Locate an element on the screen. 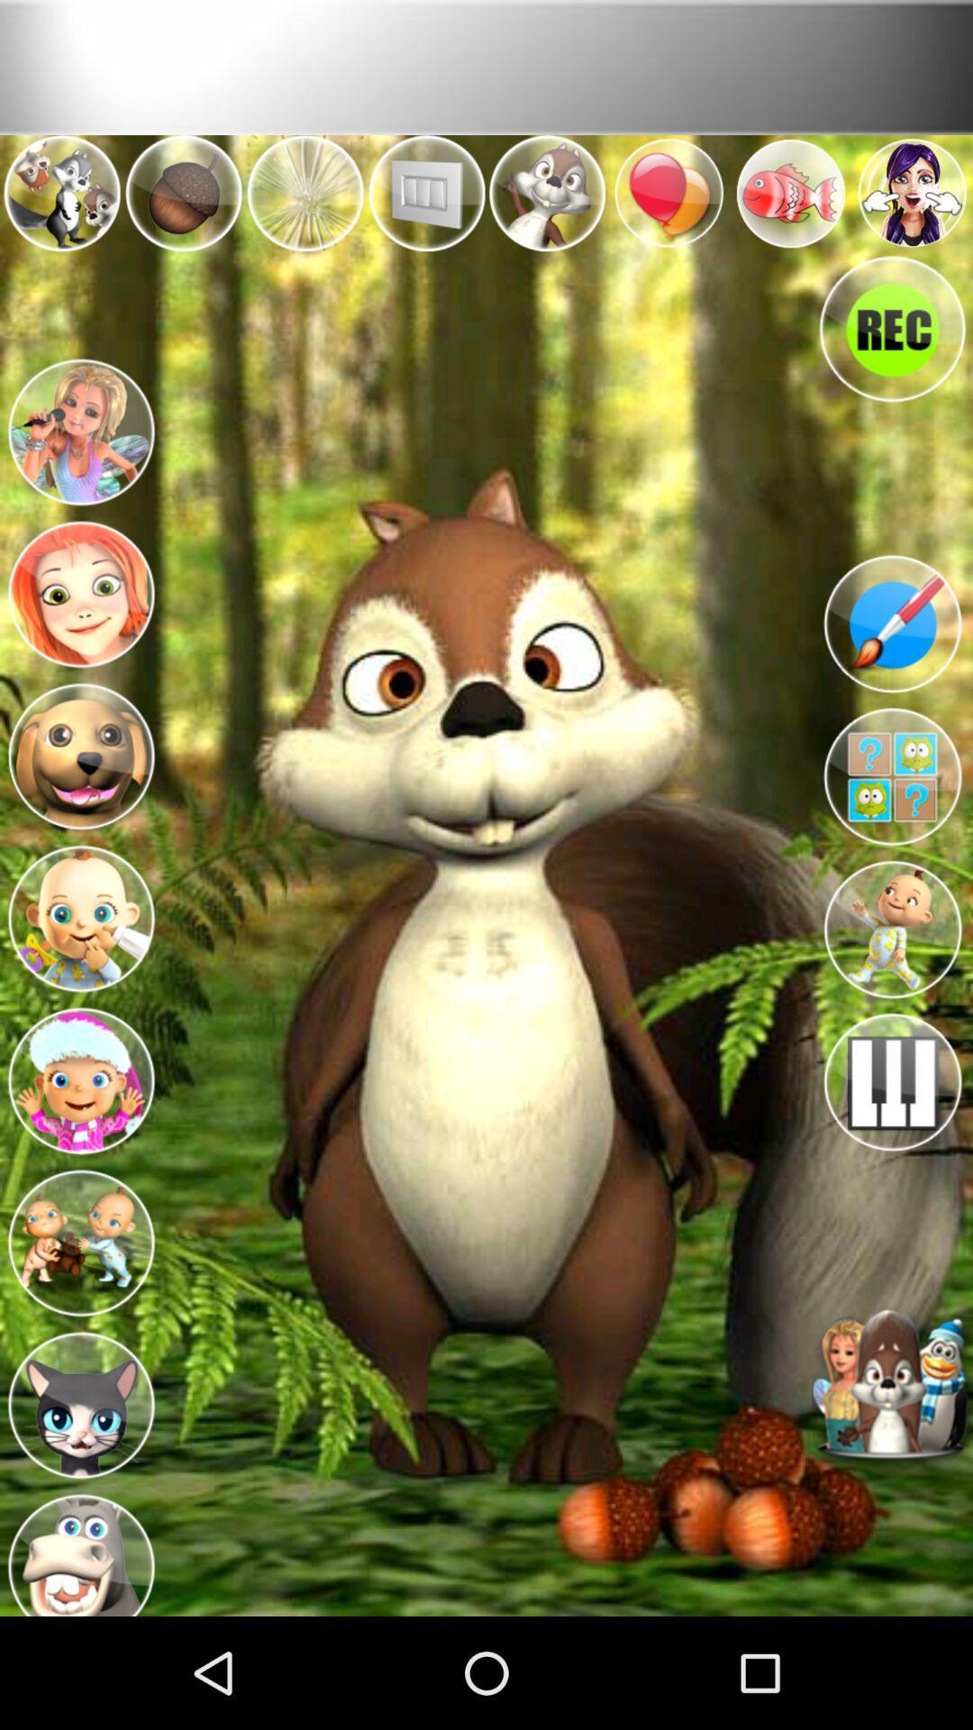 The height and width of the screenshot is (1730, 973). hippo is located at coordinates (79, 1547).